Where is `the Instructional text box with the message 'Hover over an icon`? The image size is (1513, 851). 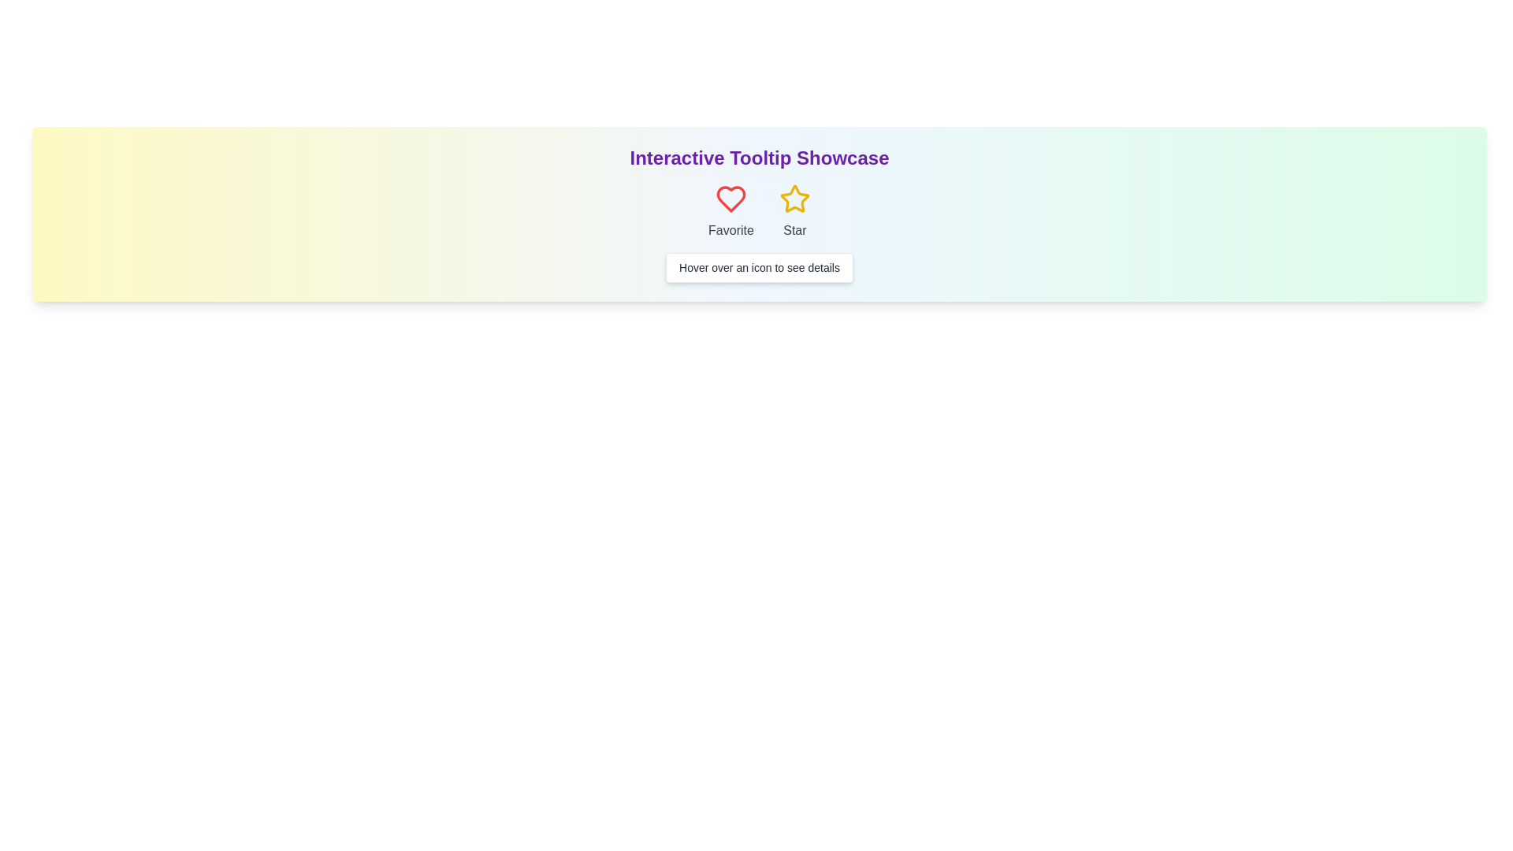
the Instructional text box with the message 'Hover over an icon is located at coordinates (760, 266).